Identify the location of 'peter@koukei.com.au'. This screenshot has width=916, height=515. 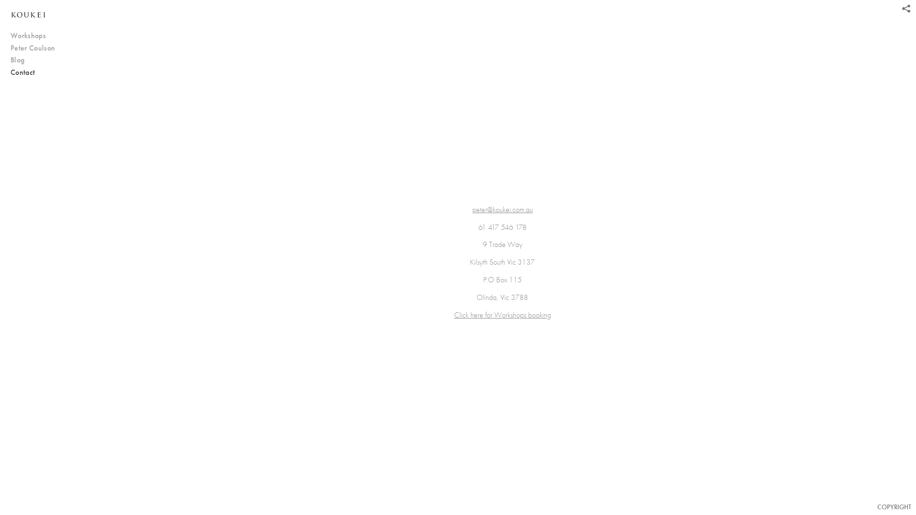
(502, 209).